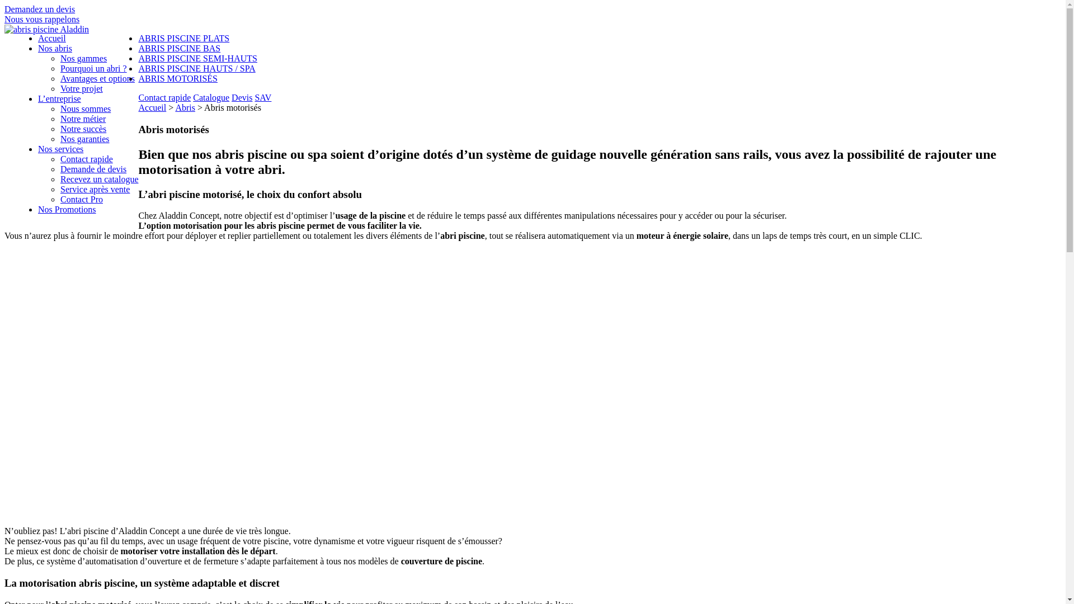 Image resolution: width=1074 pixels, height=604 pixels. Describe the element at coordinates (67, 209) in the screenshot. I see `'Nos Promotions'` at that location.